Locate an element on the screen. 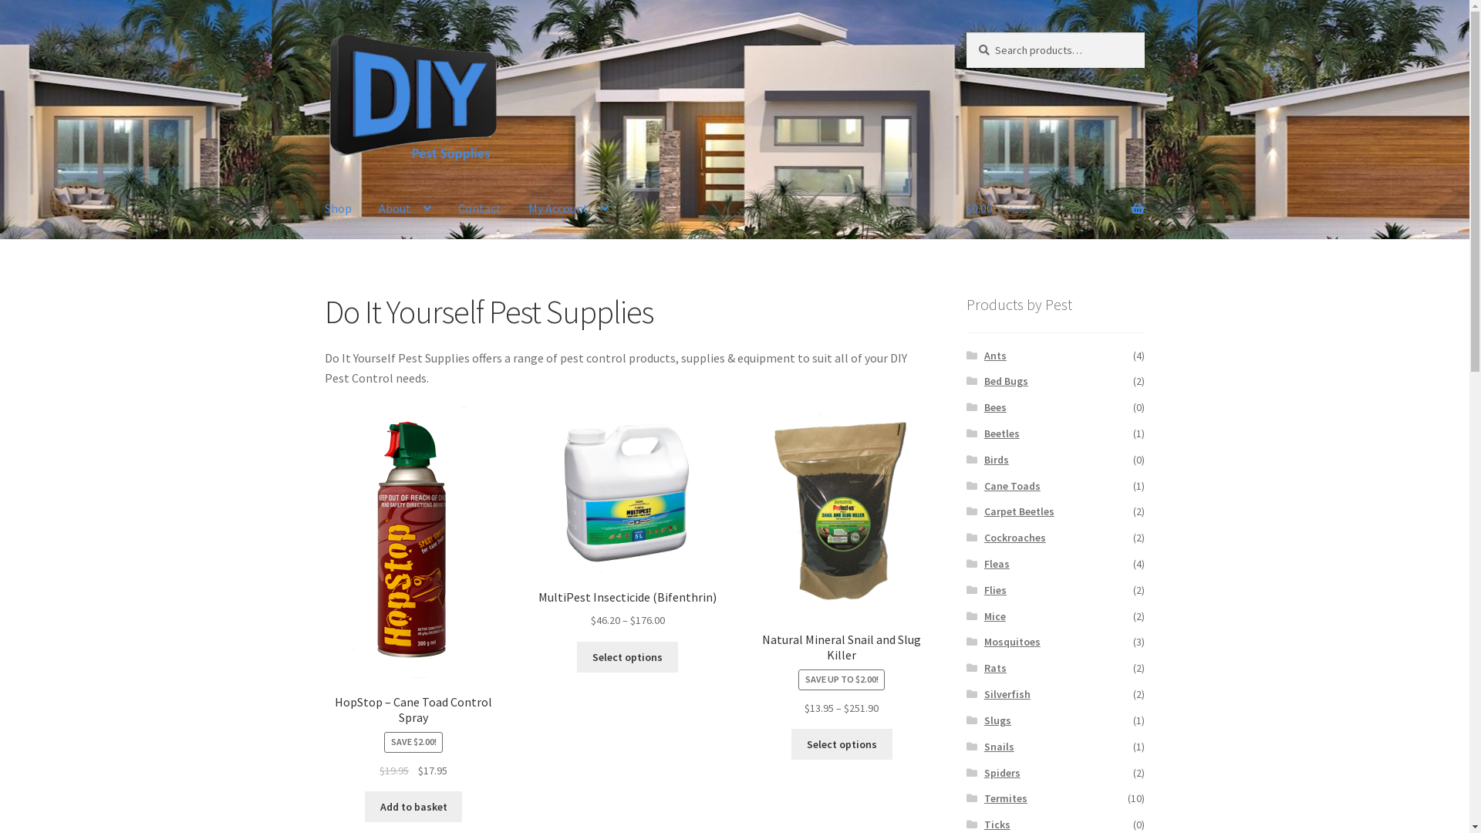  'Skip to navigation' is located at coordinates (323, 32).